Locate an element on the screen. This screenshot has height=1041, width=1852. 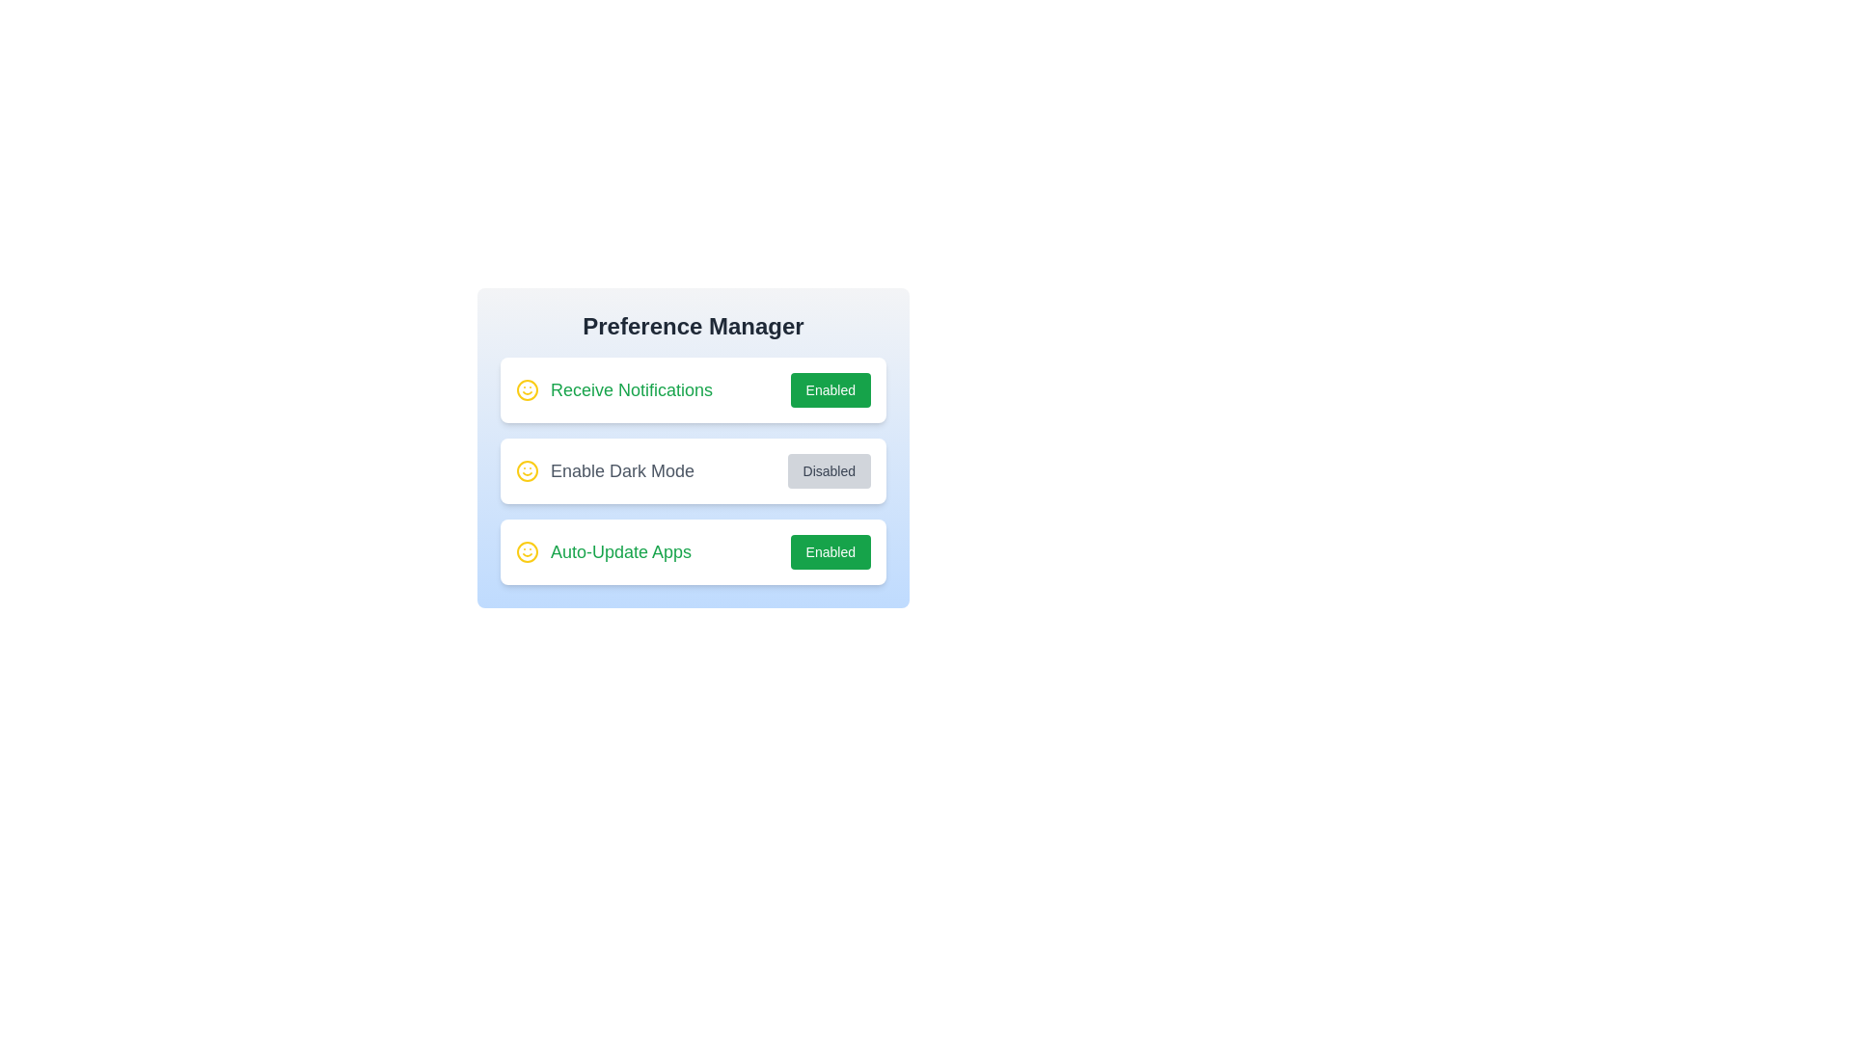
the smiley icon associated with the preference 'Auto-Update Apps' to explore its interaction is located at coordinates (528, 552).